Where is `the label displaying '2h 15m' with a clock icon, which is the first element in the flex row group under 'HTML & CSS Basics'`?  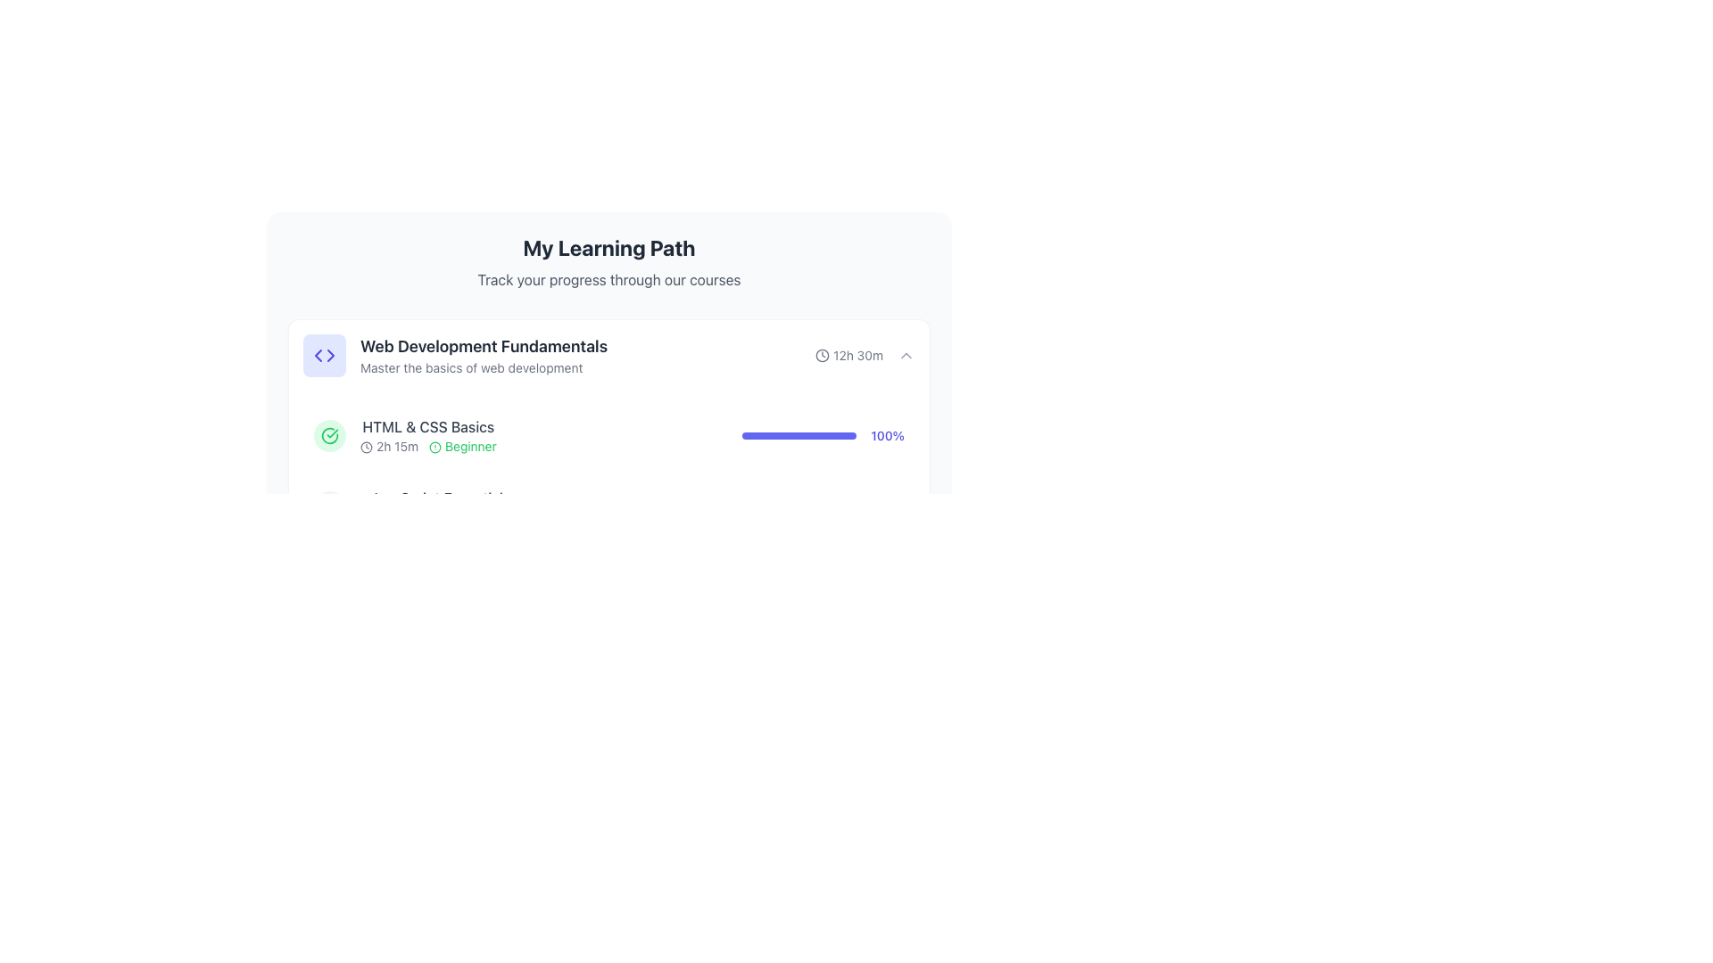 the label displaying '2h 15m' with a clock icon, which is the first element in the flex row group under 'HTML & CSS Basics' is located at coordinates (388, 446).